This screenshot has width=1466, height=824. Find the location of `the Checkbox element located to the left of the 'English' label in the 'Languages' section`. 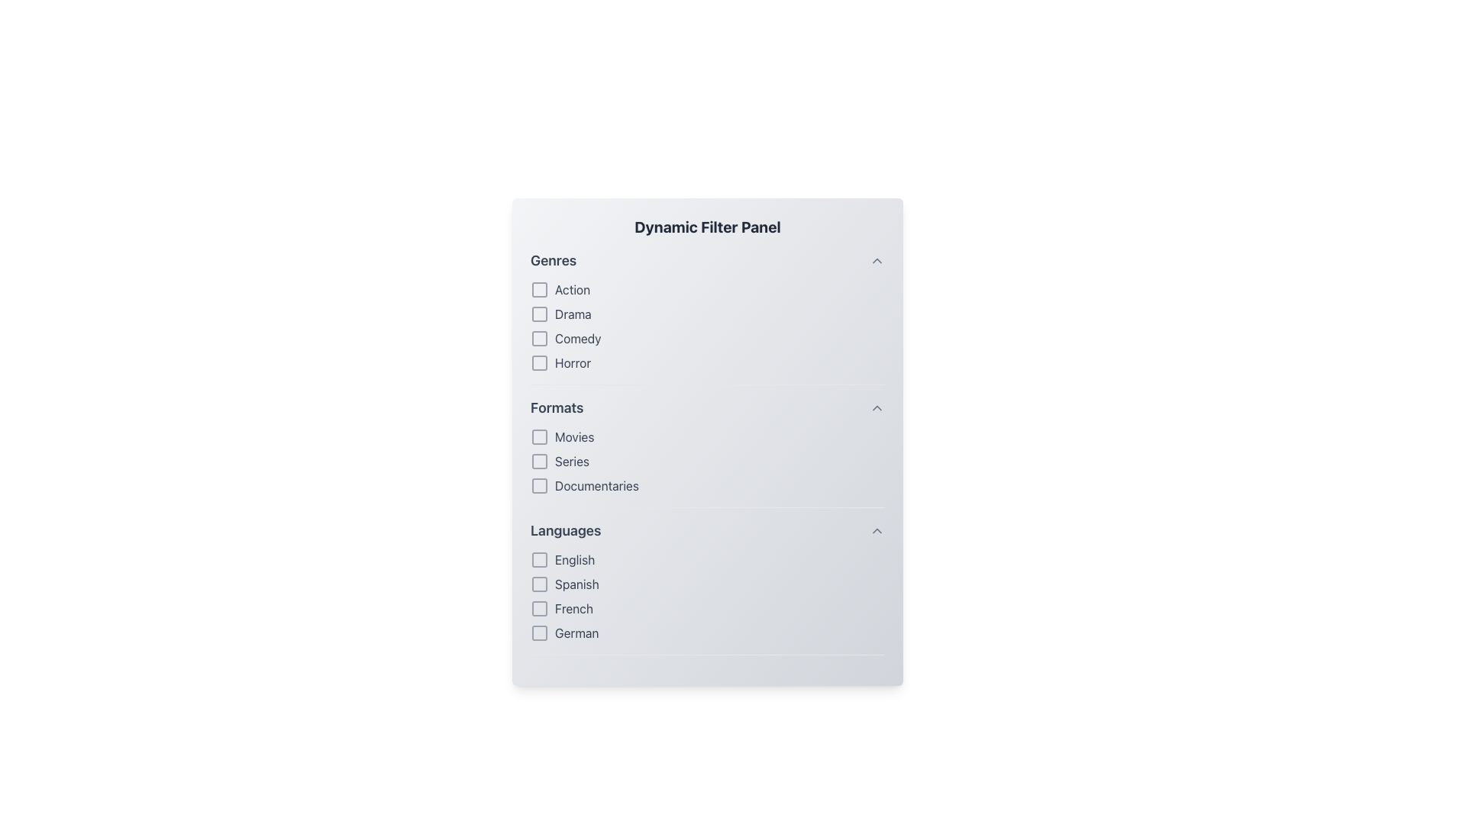

the Checkbox element located to the left of the 'English' label in the 'Languages' section is located at coordinates (539, 559).